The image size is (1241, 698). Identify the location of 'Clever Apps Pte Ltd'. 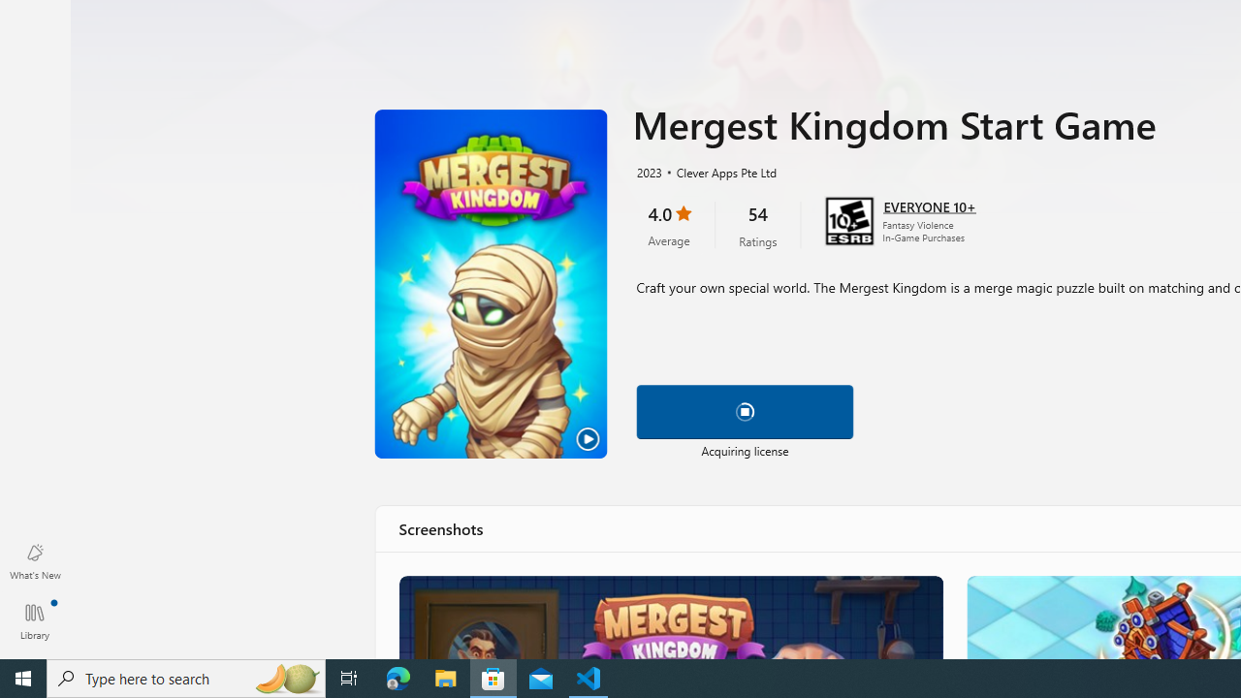
(717, 171).